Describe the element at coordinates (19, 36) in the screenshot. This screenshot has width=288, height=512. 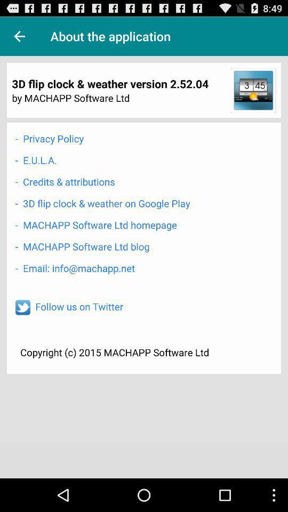
I see `back option` at that location.